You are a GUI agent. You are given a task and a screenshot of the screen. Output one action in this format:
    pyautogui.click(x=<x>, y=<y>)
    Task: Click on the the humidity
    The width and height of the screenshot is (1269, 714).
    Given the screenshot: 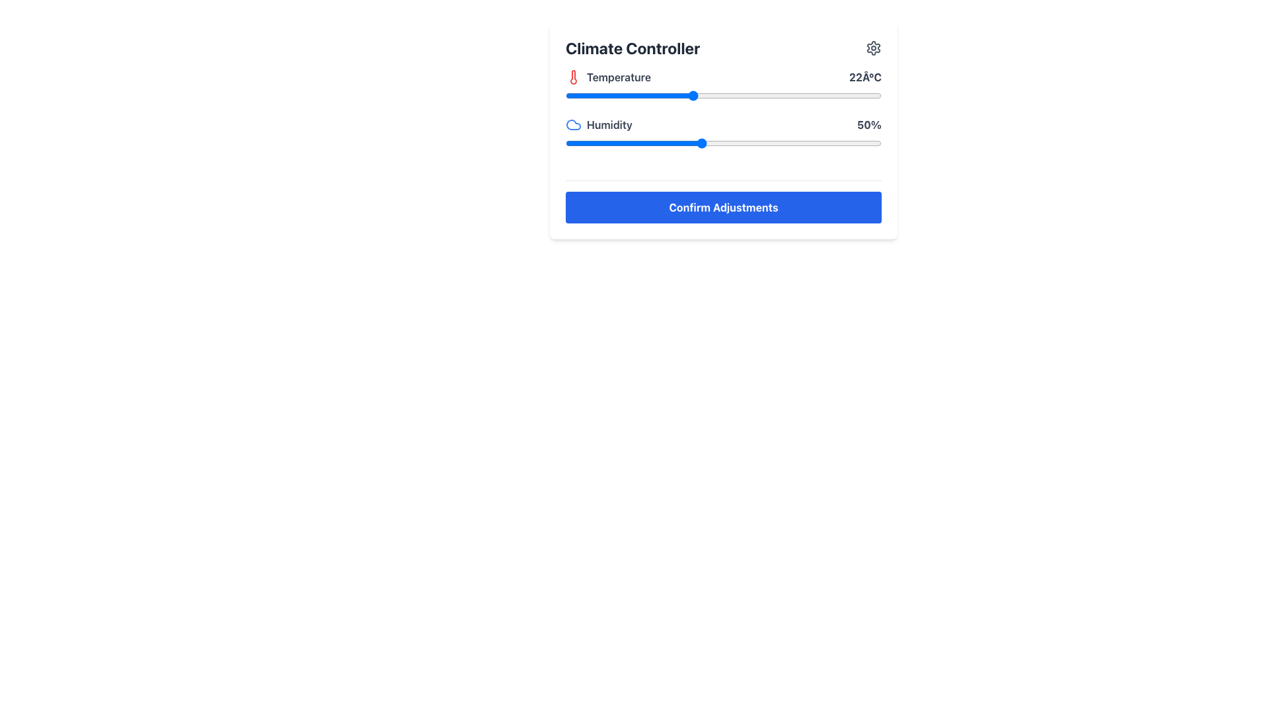 What is the action you would take?
    pyautogui.click(x=808, y=143)
    